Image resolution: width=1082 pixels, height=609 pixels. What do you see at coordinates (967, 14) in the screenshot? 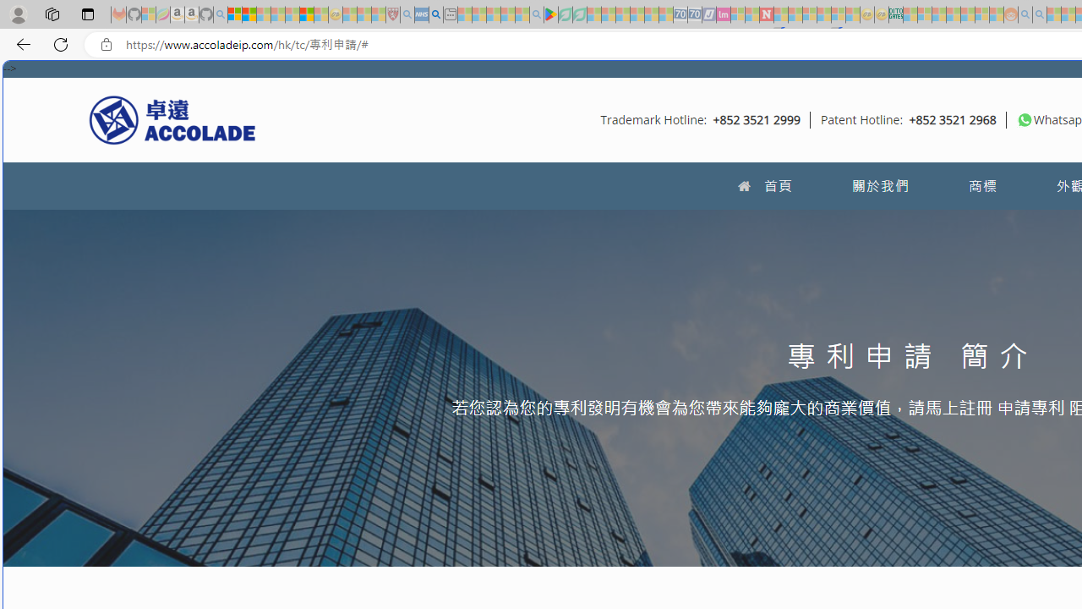
I see `'Kinda Frugal - MSN - Sleeping'` at bounding box center [967, 14].